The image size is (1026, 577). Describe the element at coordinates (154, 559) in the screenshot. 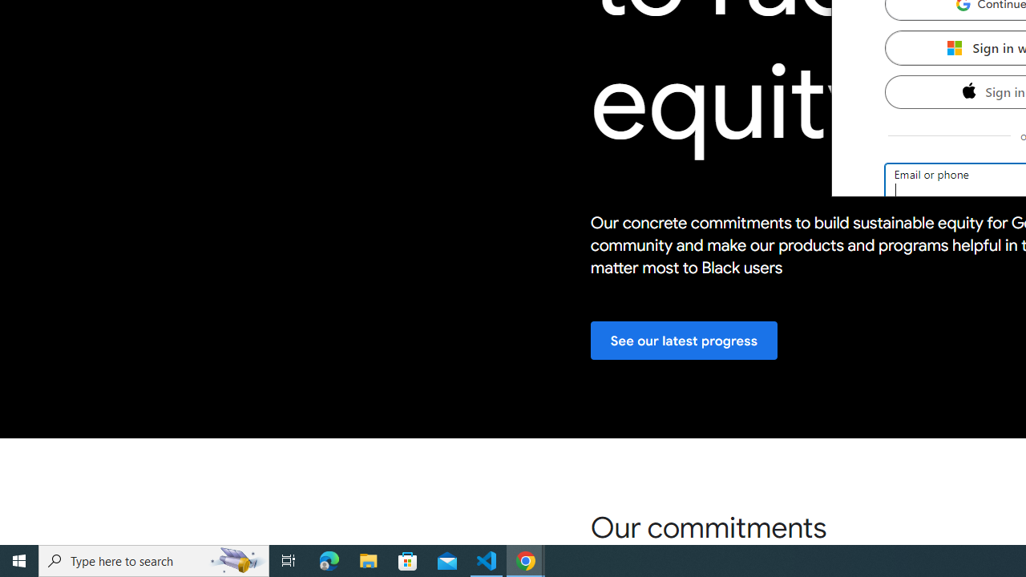

I see `'Type here to search'` at that location.